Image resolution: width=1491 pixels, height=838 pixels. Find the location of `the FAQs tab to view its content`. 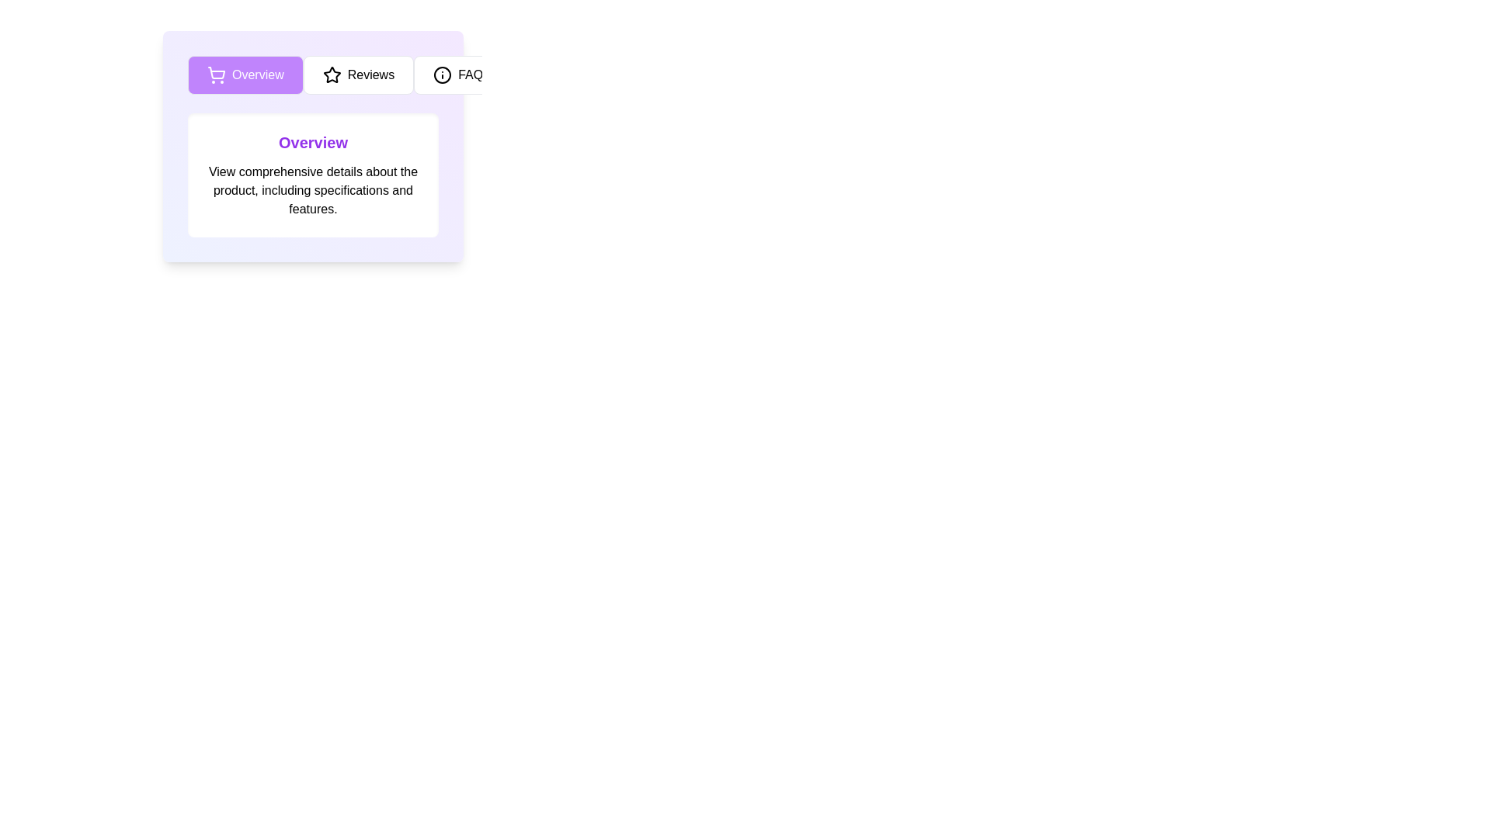

the FAQs tab to view its content is located at coordinates (461, 74).